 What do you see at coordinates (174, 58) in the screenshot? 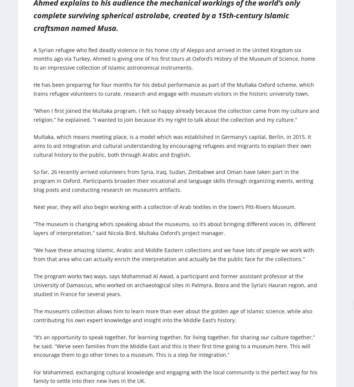
I see `'A Syrian refugee who fled deadly violence in his home city of Aleppo and arrived in the United Kingdom six months ago via Turkey, Ahmed is giving one of his first tours at Oxford’s History of the Museum of Science, home to an impressive collection of Islamic astronomical instruments.'` at bounding box center [174, 58].